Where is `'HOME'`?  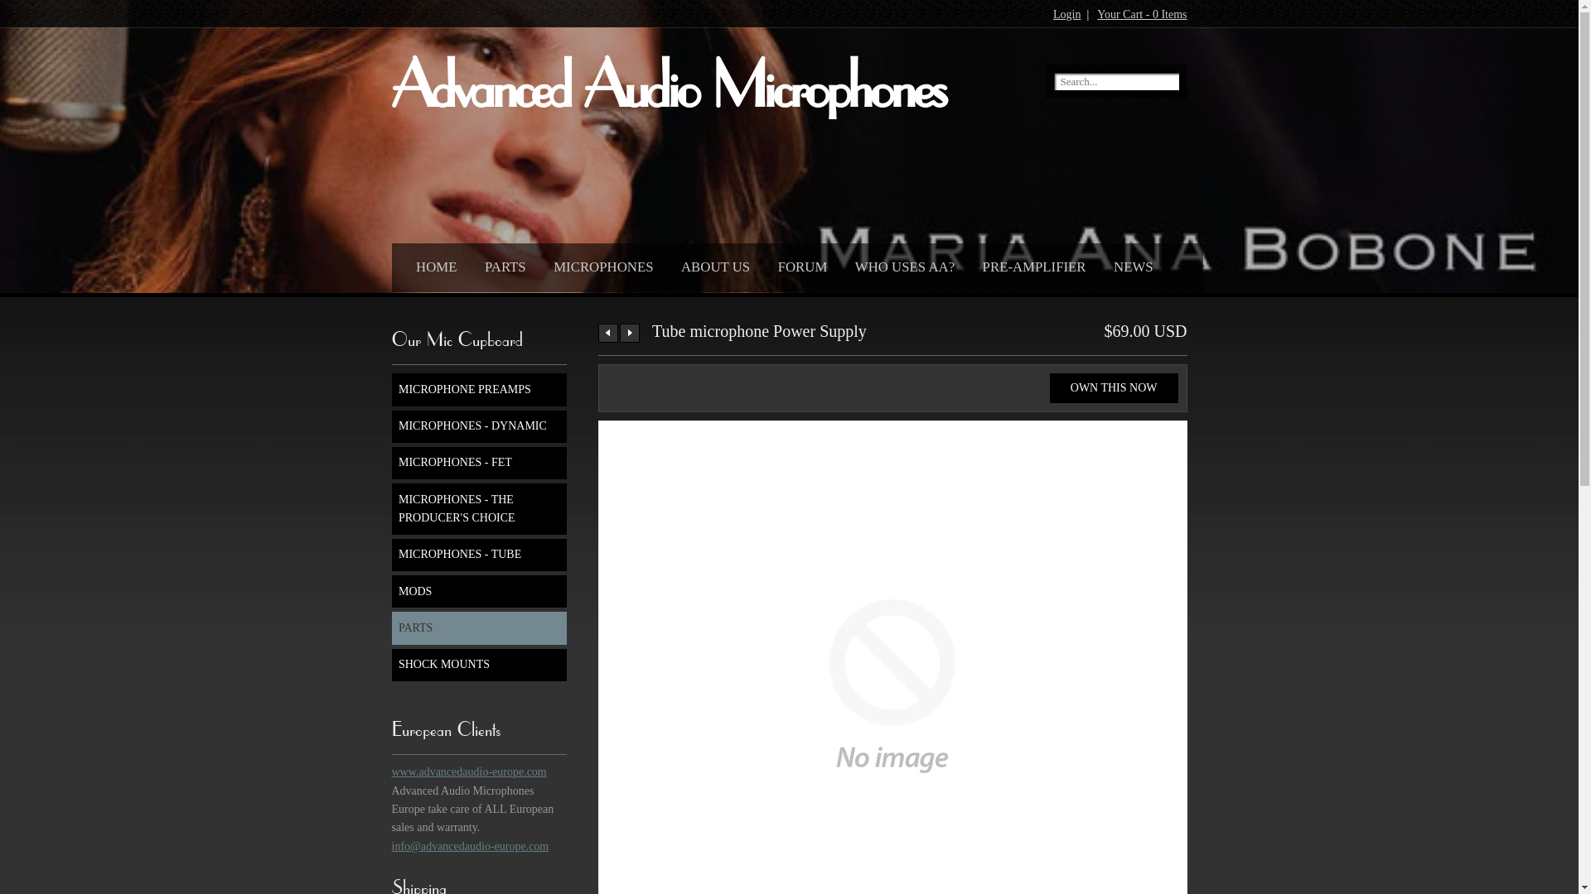 'HOME' is located at coordinates (432, 263).